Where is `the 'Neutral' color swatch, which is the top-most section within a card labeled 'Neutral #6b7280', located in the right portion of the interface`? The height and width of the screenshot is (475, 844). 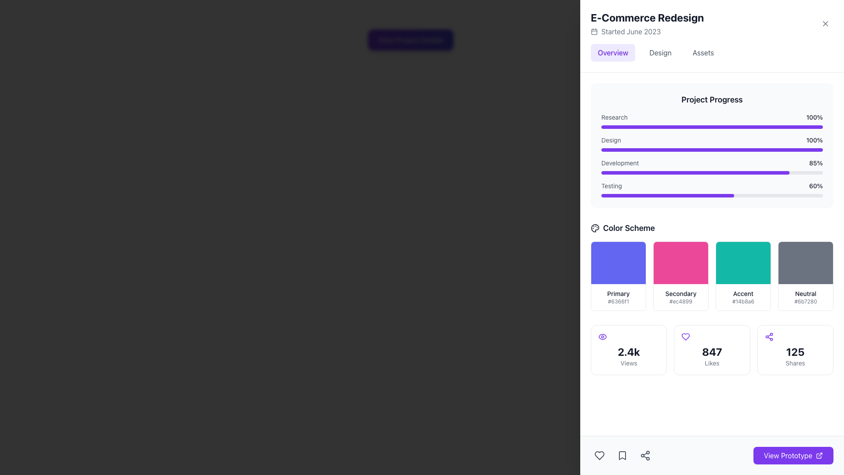
the 'Neutral' color swatch, which is the top-most section within a card labeled 'Neutral #6b7280', located in the right portion of the interface is located at coordinates (806, 262).